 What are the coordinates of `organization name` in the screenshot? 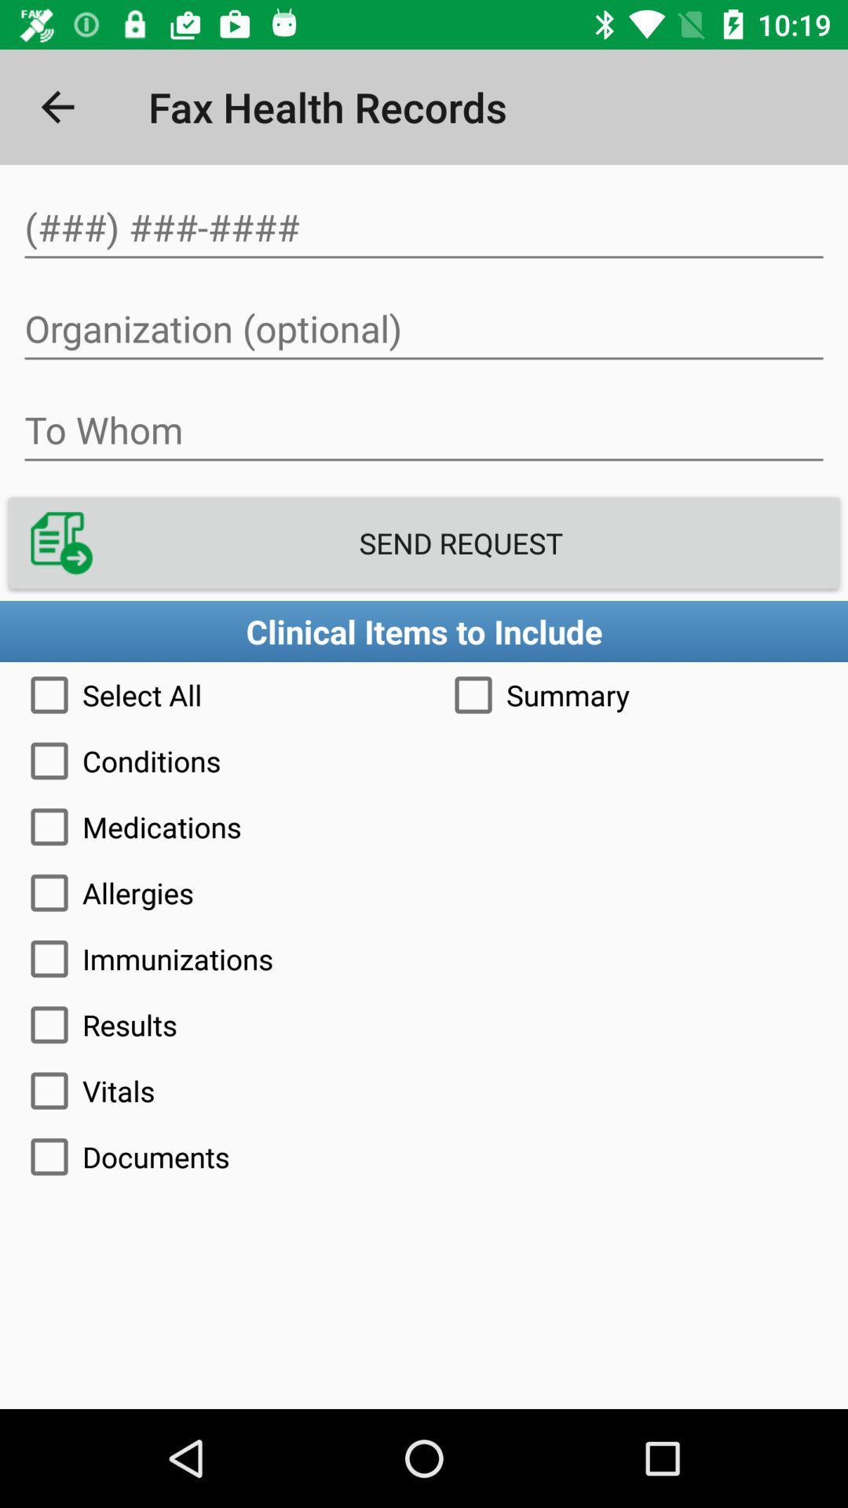 It's located at (424, 328).